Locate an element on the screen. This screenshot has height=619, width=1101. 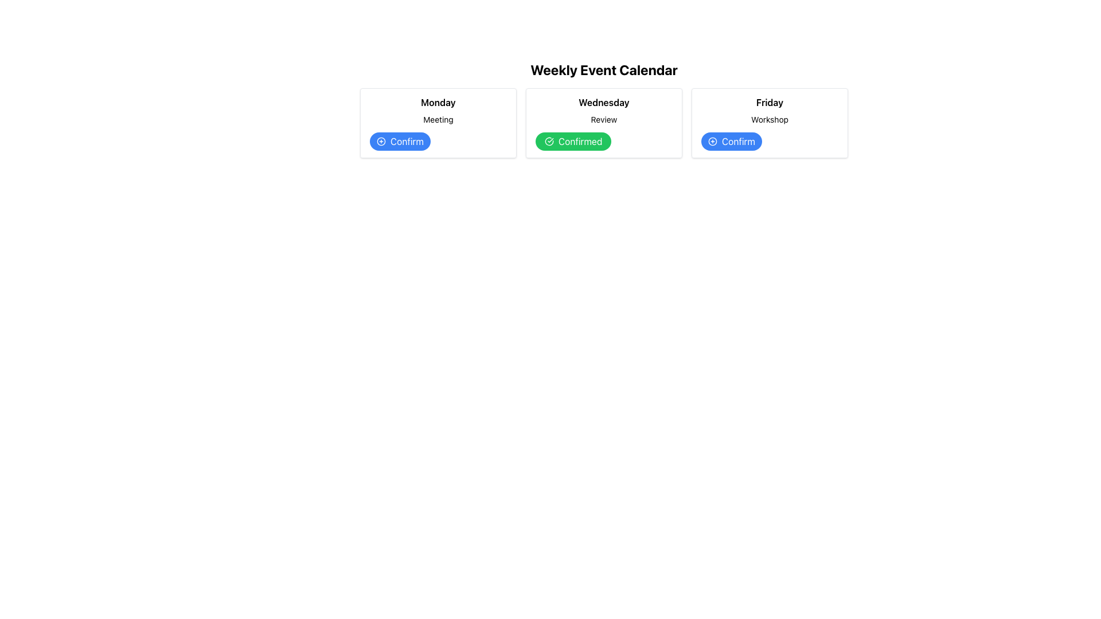
the blue 'Confirm' button with a '+' icon under the 'Monday Meeting' section to confirm the meeting is located at coordinates (400, 140).